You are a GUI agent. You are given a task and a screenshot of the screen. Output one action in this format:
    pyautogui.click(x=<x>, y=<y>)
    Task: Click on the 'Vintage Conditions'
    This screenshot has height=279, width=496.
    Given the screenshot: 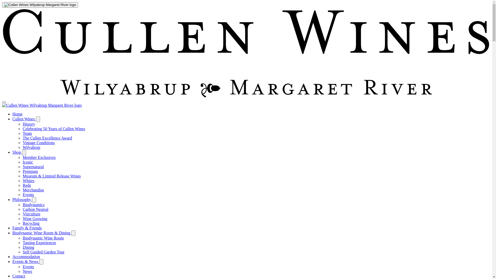 What is the action you would take?
    pyautogui.click(x=38, y=143)
    